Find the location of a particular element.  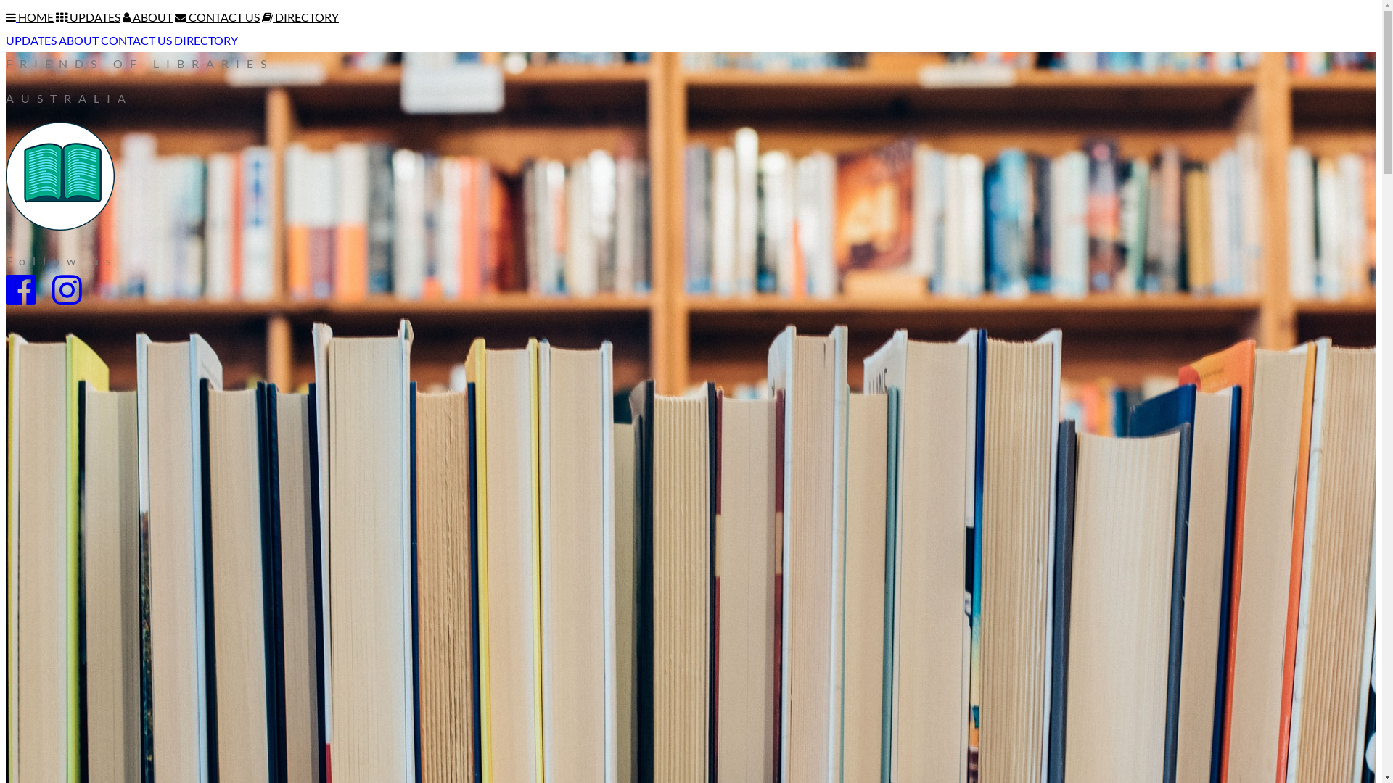

'CONTACT US' is located at coordinates (136, 39).